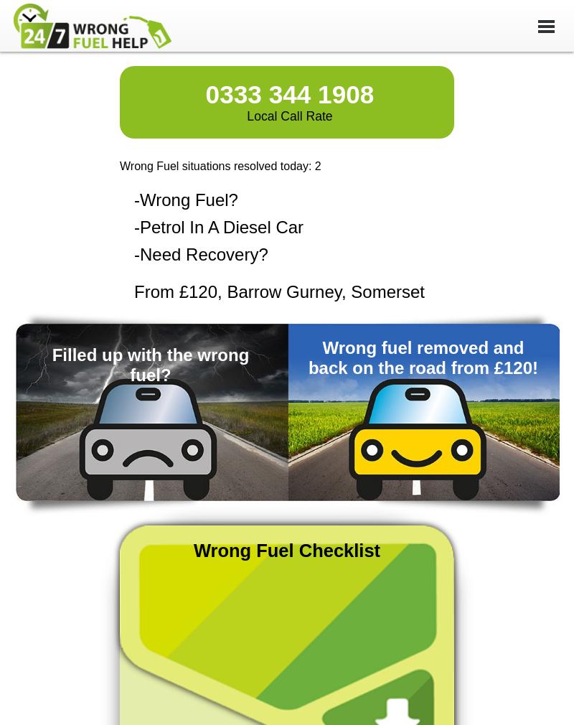  I want to click on 'Petrol In A Diesel Car', so click(221, 227).